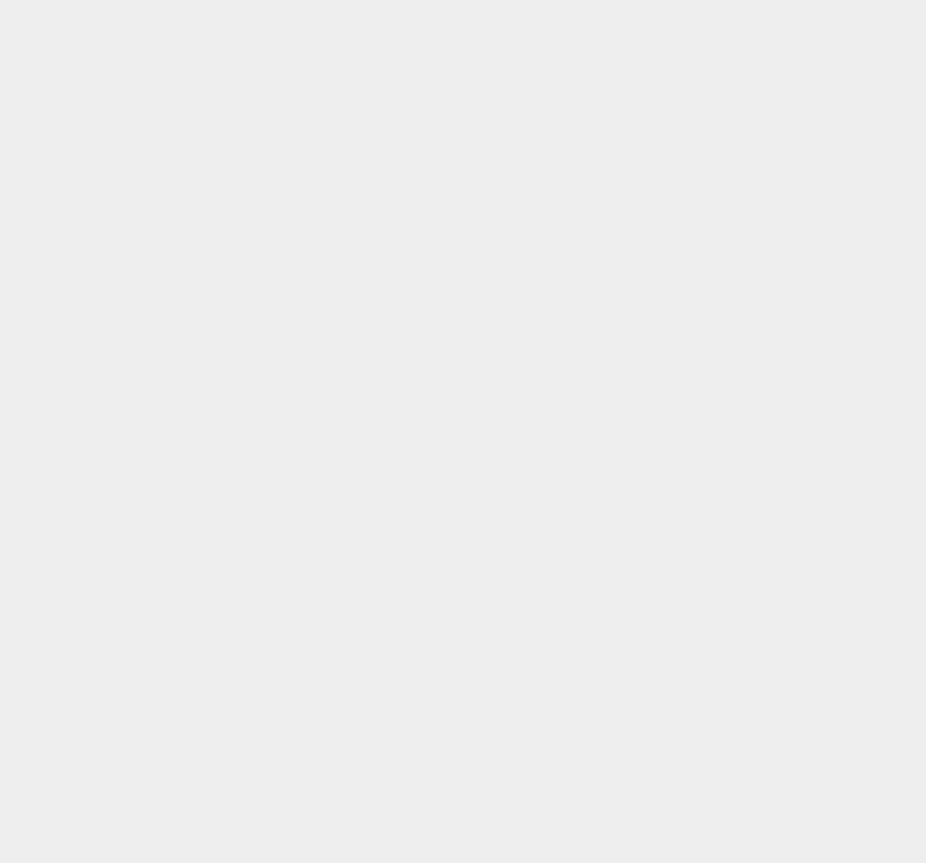 The height and width of the screenshot is (863, 926). What do you see at coordinates (654, 250) in the screenshot?
I see `'OS X 10.10.3'` at bounding box center [654, 250].